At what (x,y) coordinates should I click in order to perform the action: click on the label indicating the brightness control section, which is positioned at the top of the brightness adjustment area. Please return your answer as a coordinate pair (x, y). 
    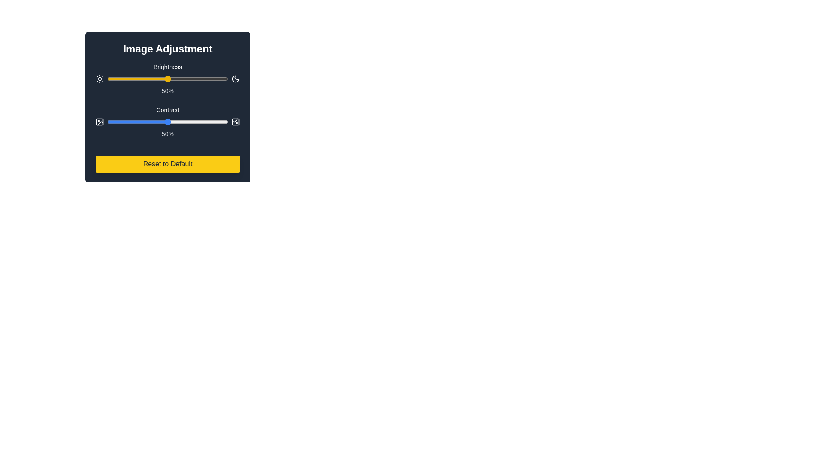
    Looking at the image, I should click on (167, 66).